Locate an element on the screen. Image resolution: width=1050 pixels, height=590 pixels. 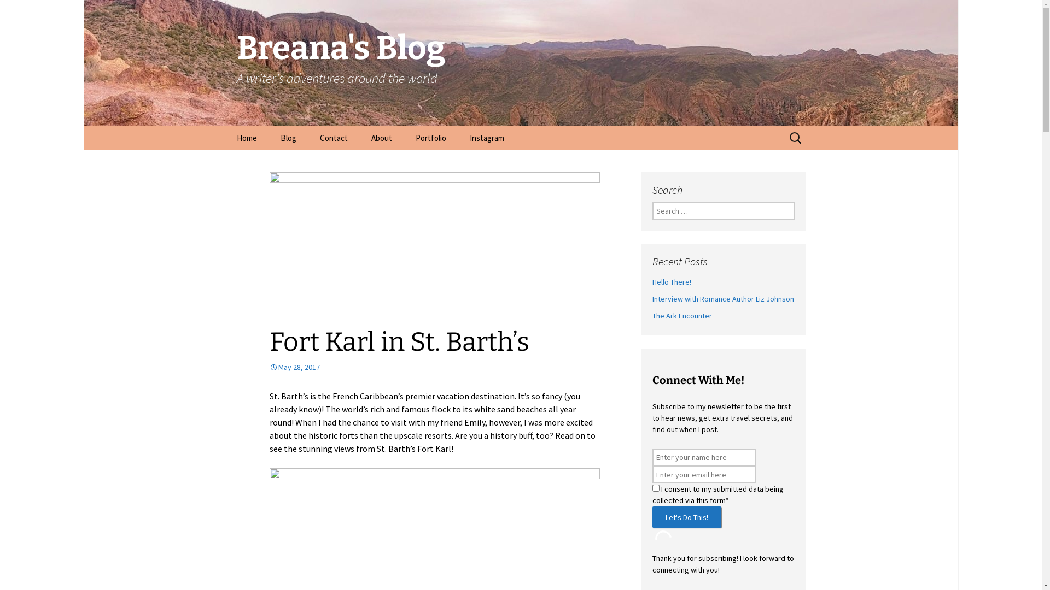
'Portfolio' is located at coordinates (430, 137).